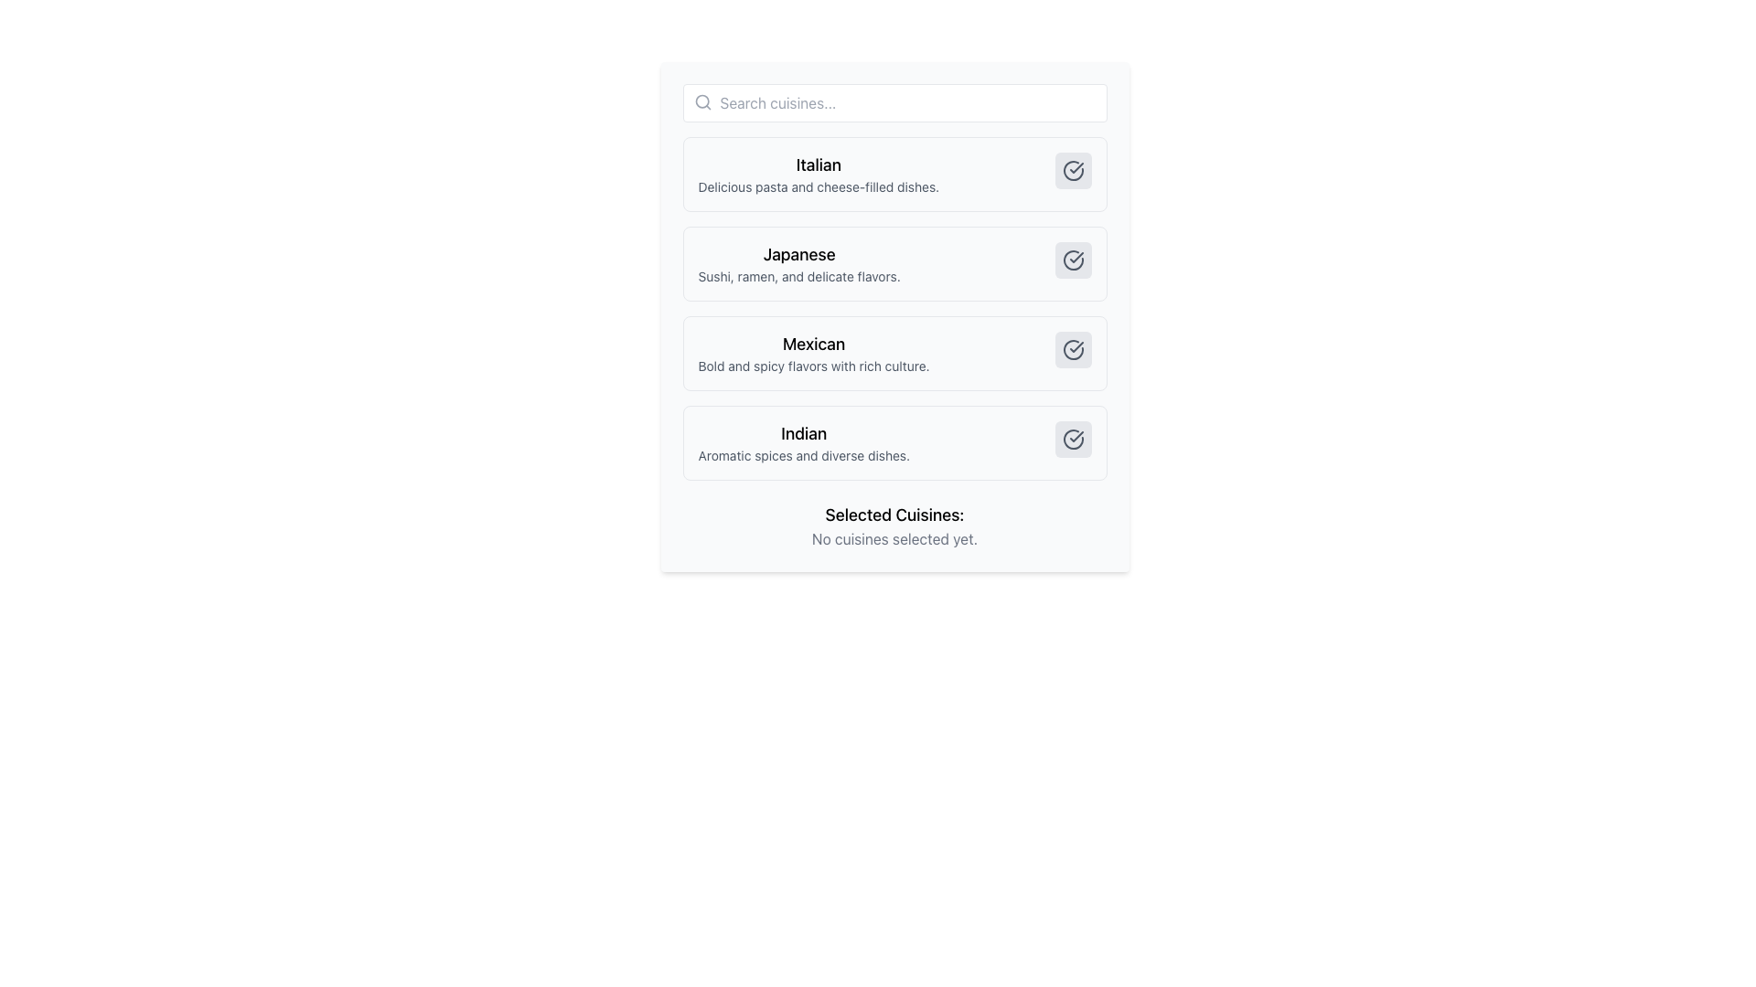 This screenshot has width=1756, height=987. Describe the element at coordinates (1073, 260) in the screenshot. I see `the checkmark icon within the circular border located on the right end of the button for the 'Japanese' cuisine entry` at that location.